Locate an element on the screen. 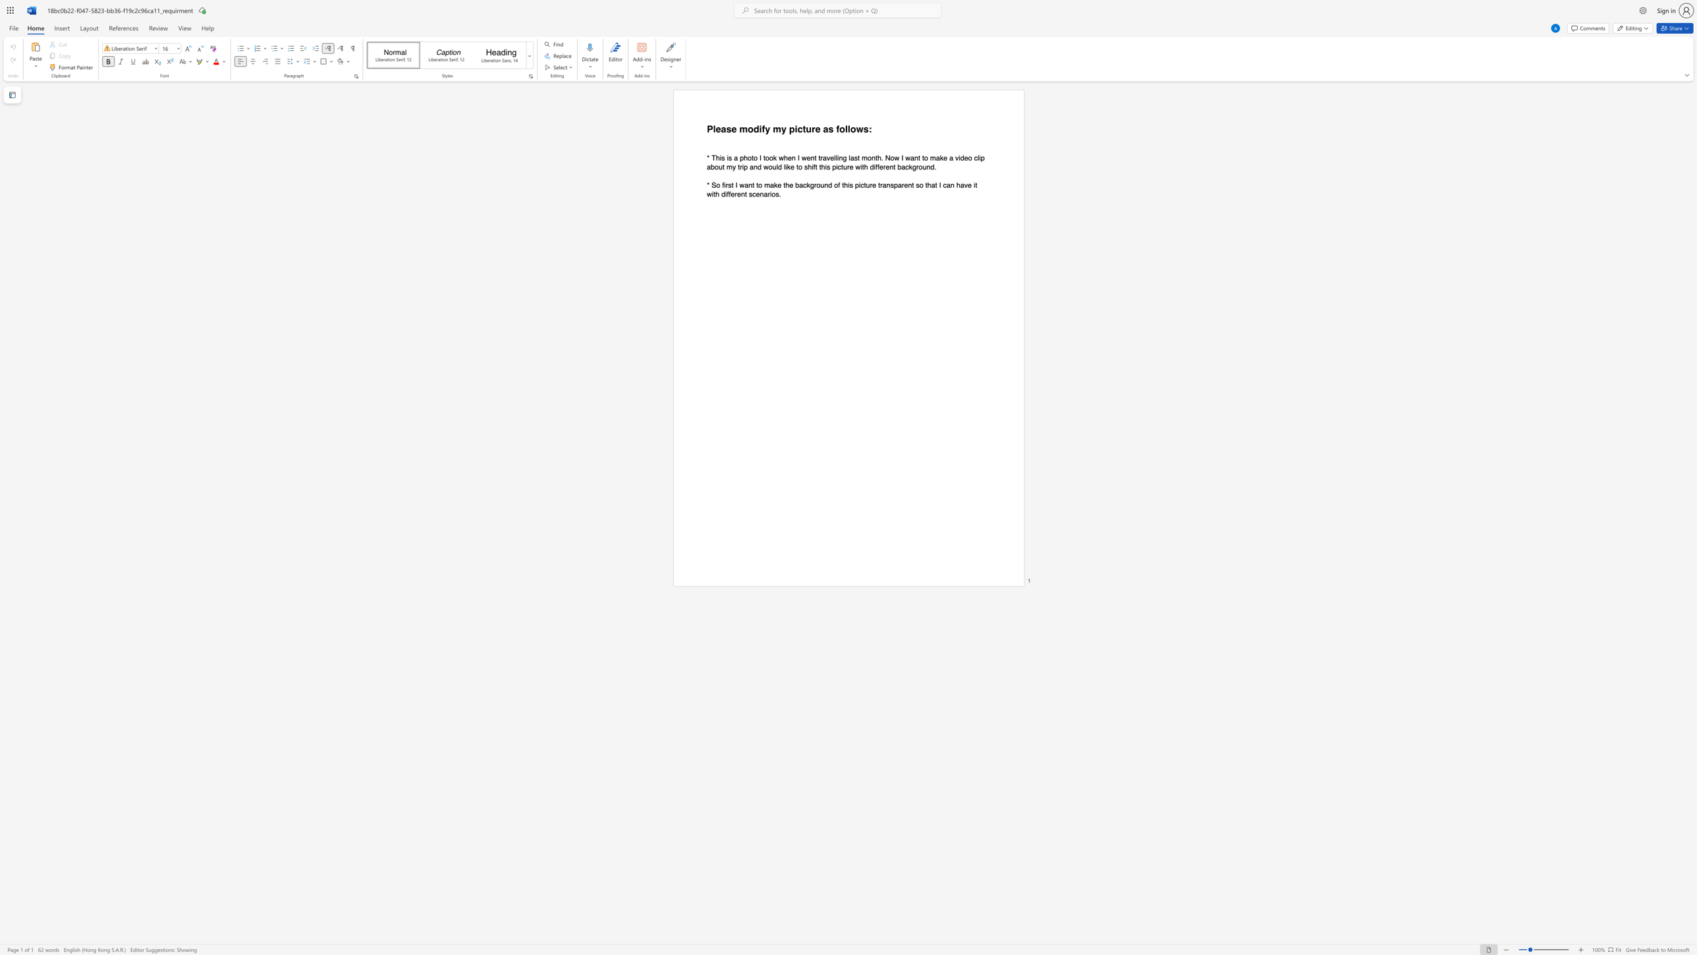 The height and width of the screenshot is (955, 1697). the 1th character "a" in the text is located at coordinates (825, 129).